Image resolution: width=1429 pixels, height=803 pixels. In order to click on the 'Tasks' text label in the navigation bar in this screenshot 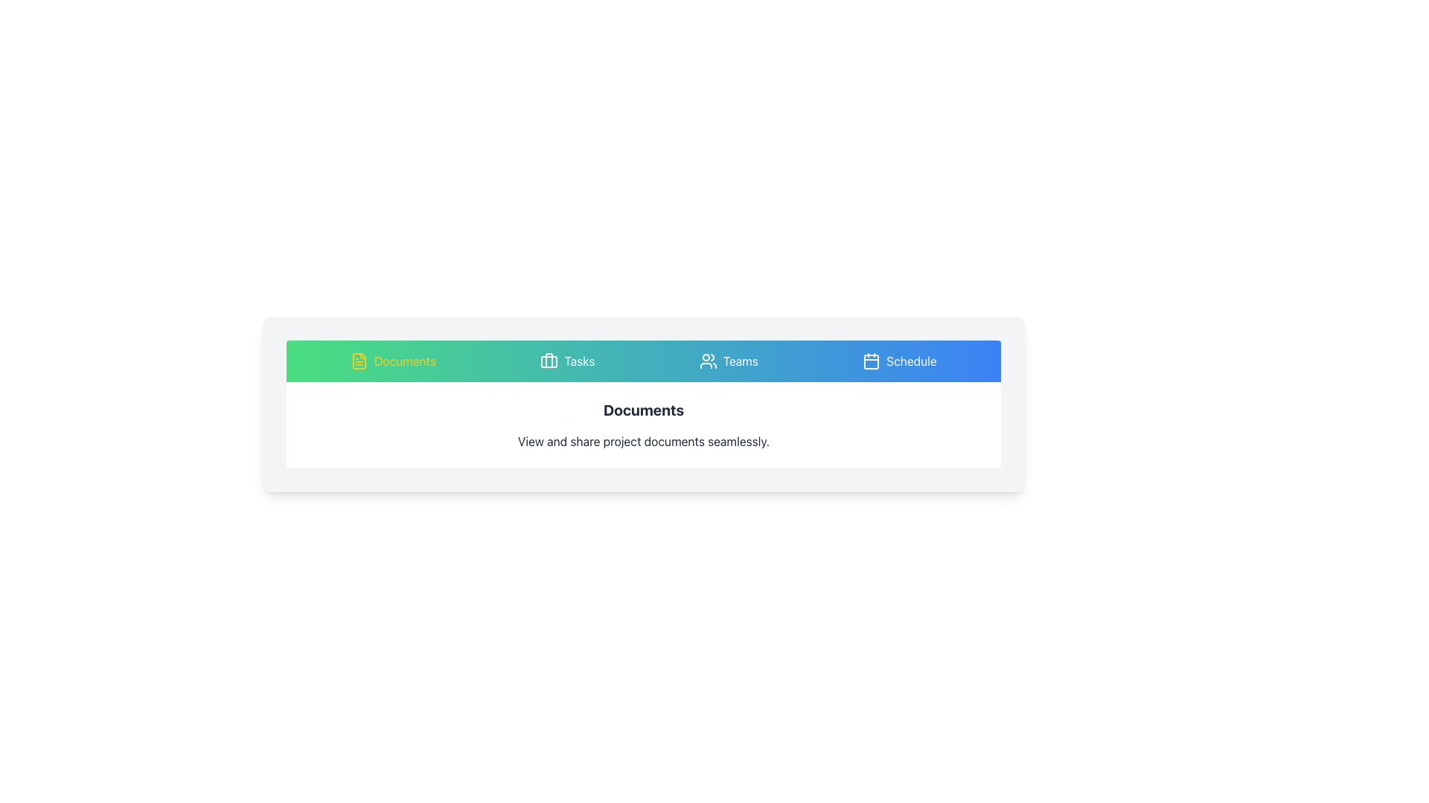, I will do `click(578, 361)`.